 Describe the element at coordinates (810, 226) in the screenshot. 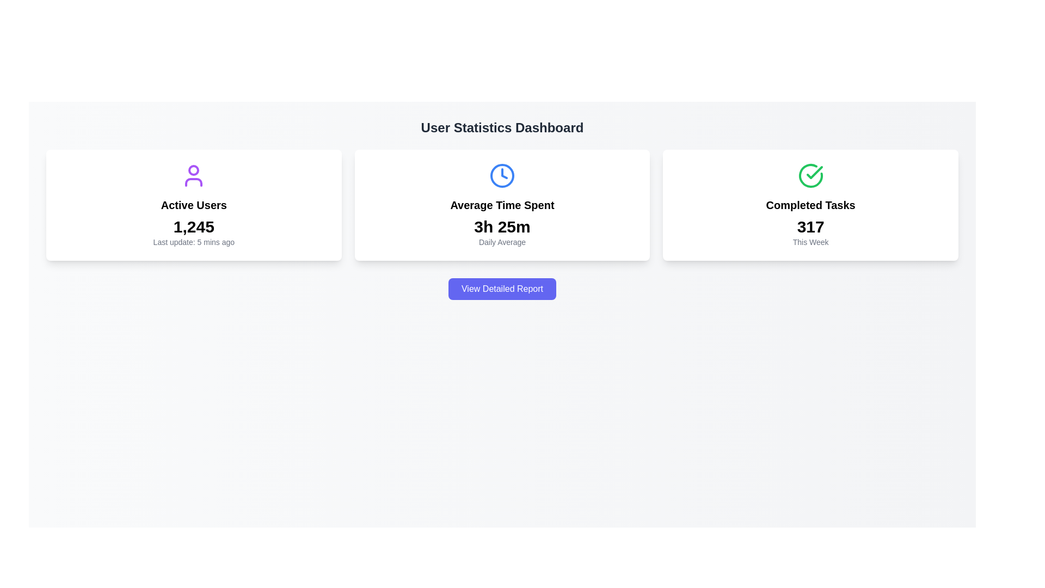

I see `number displayed in the Text Label that represents the count of completed tasks, located centrally within the rightmost card below the title 'Completed Tasks' and above the descriptor 'This Week'` at that location.